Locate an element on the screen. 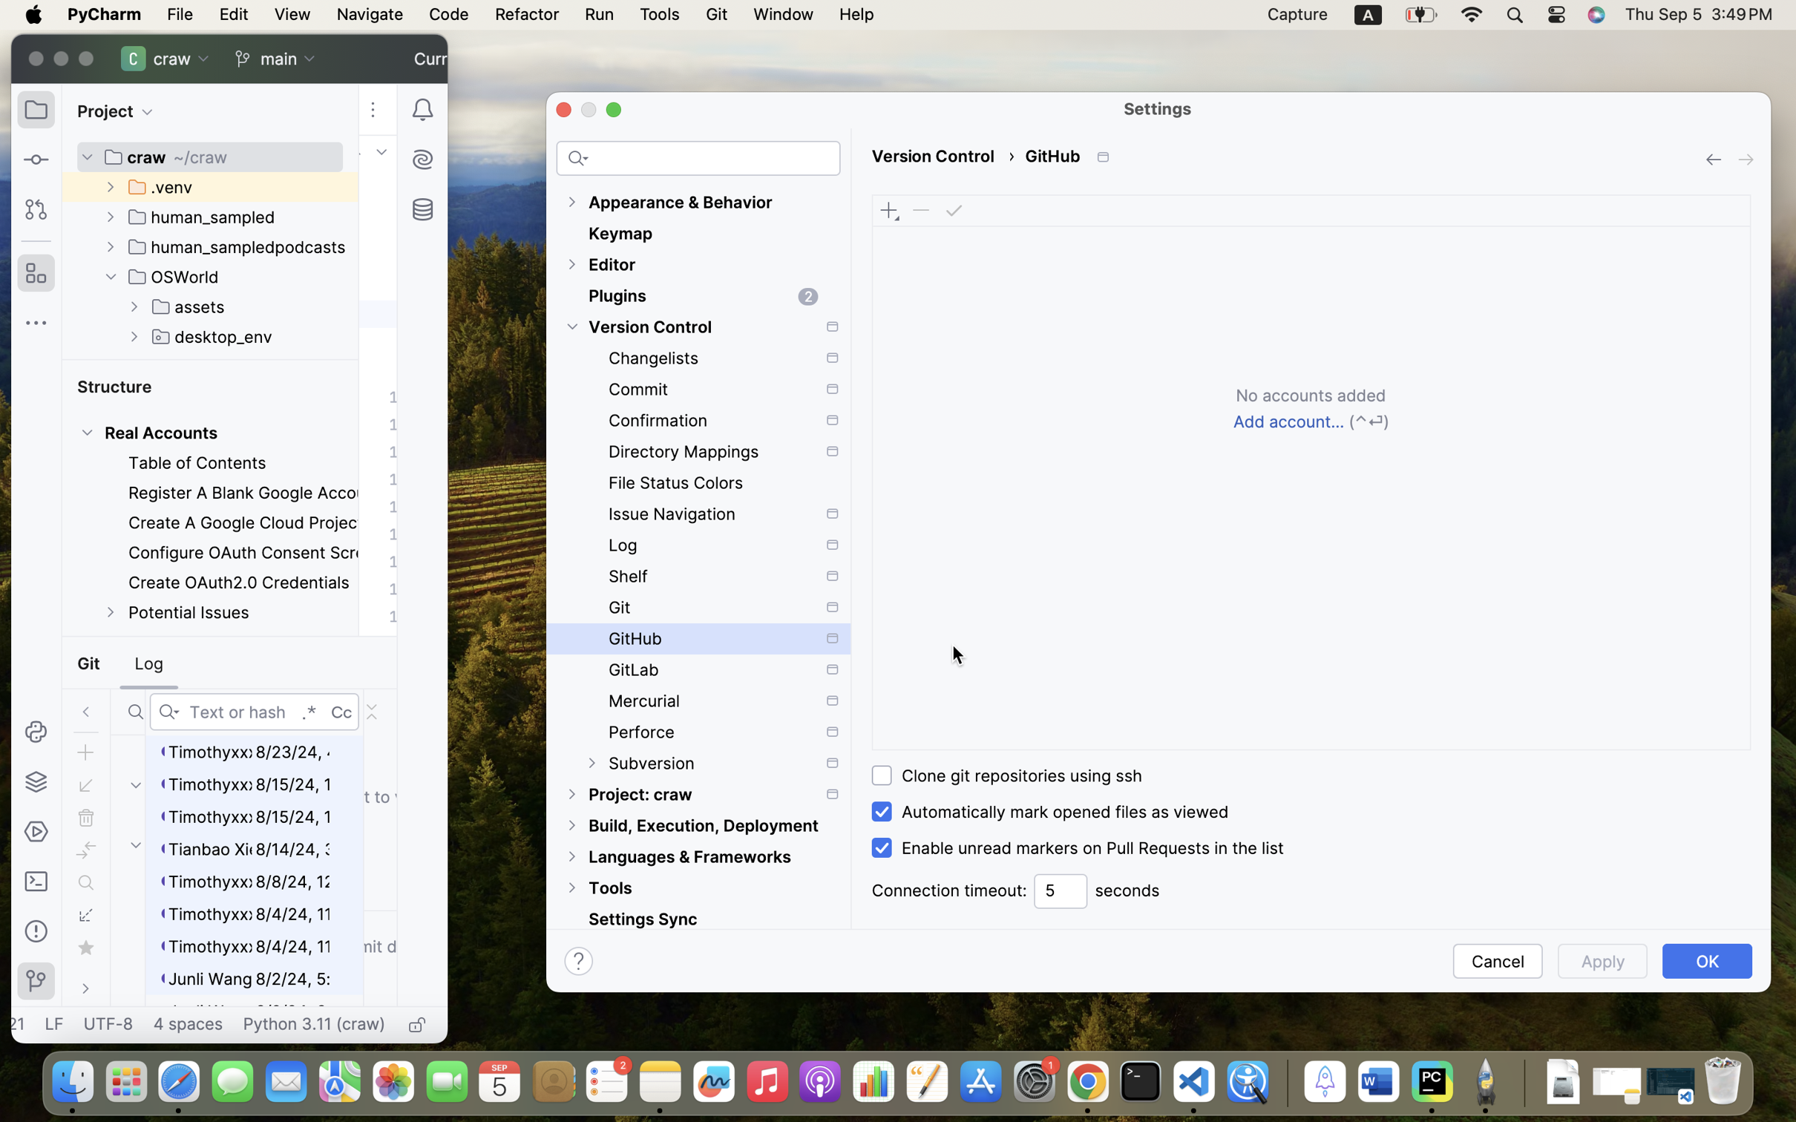 Image resolution: width=1796 pixels, height=1122 pixels. '5' is located at coordinates (1060, 890).